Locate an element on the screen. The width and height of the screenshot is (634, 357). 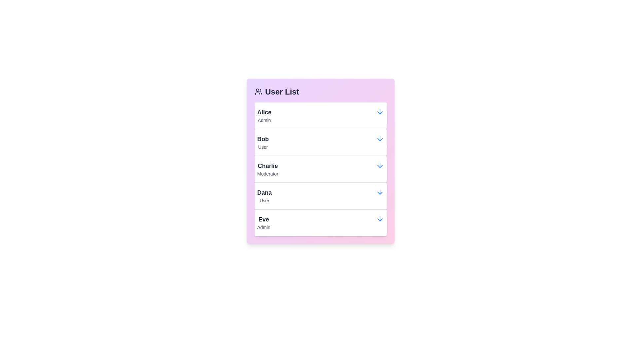
the arrow icon for Eve is located at coordinates (380, 219).